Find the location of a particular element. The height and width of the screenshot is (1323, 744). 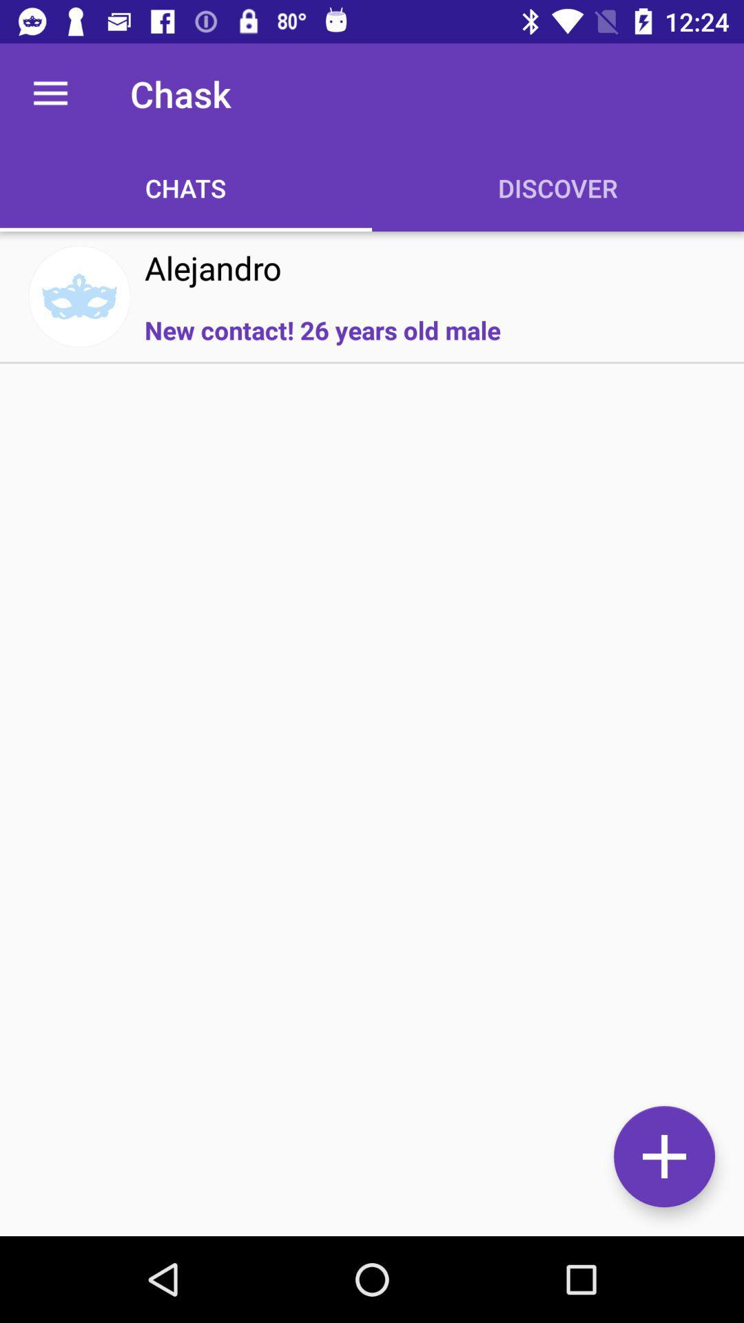

start new chat is located at coordinates (663, 1156).